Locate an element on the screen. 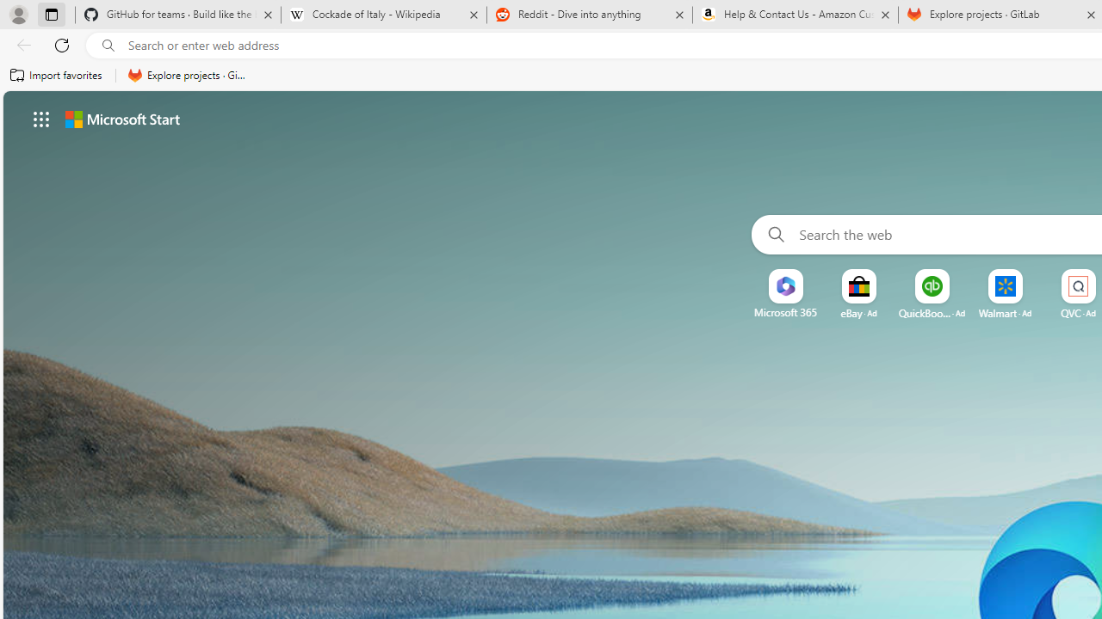 This screenshot has width=1102, height=619. 'Help & Contact Us - Amazon Customer Service' is located at coordinates (795, 15).